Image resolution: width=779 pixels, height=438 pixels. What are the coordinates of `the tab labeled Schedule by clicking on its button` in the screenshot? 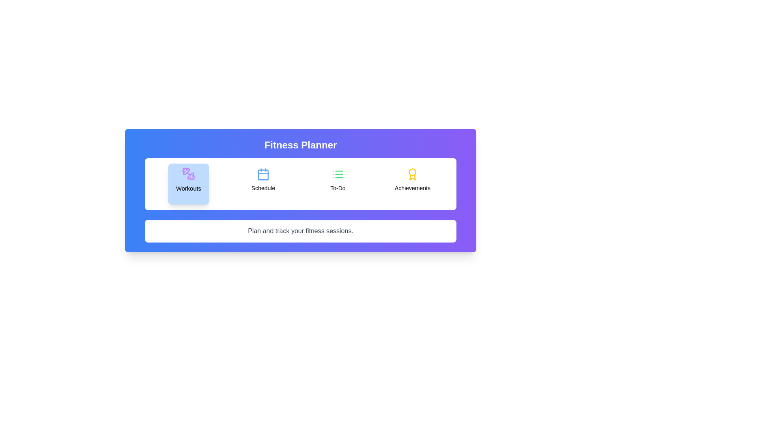 It's located at (263, 184).